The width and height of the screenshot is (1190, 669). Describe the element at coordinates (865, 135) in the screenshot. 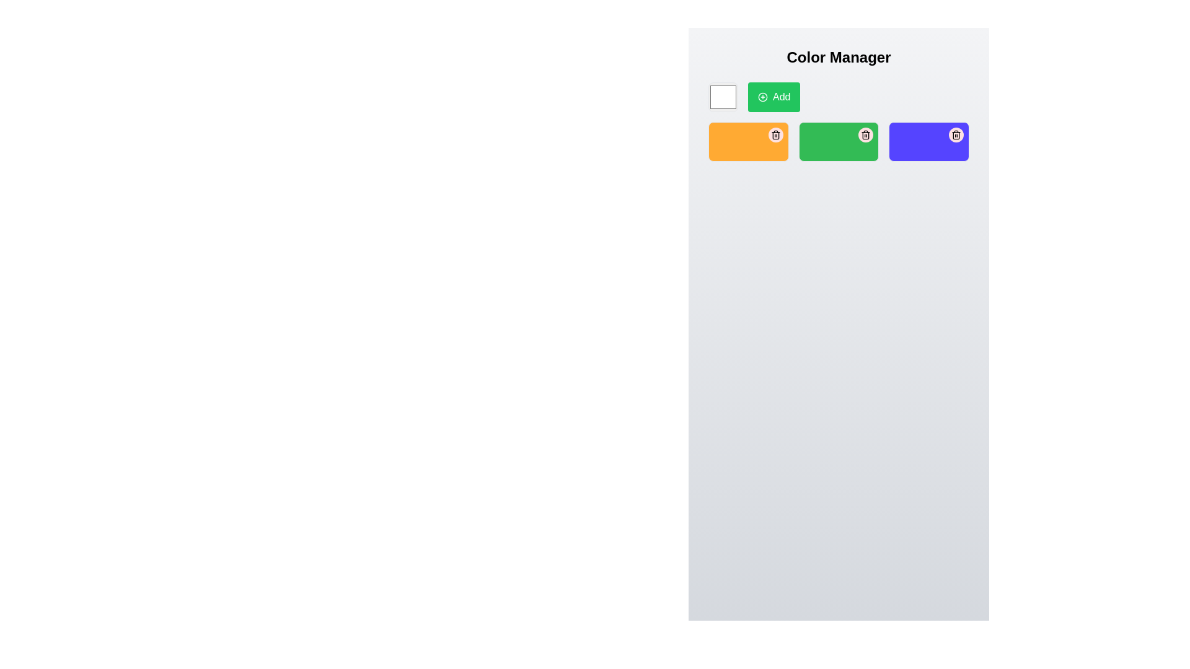

I see `the trashcan icon button, which is outlined in a rounded rectangle with a red background, positioned in the top-right corner of a green card` at that location.